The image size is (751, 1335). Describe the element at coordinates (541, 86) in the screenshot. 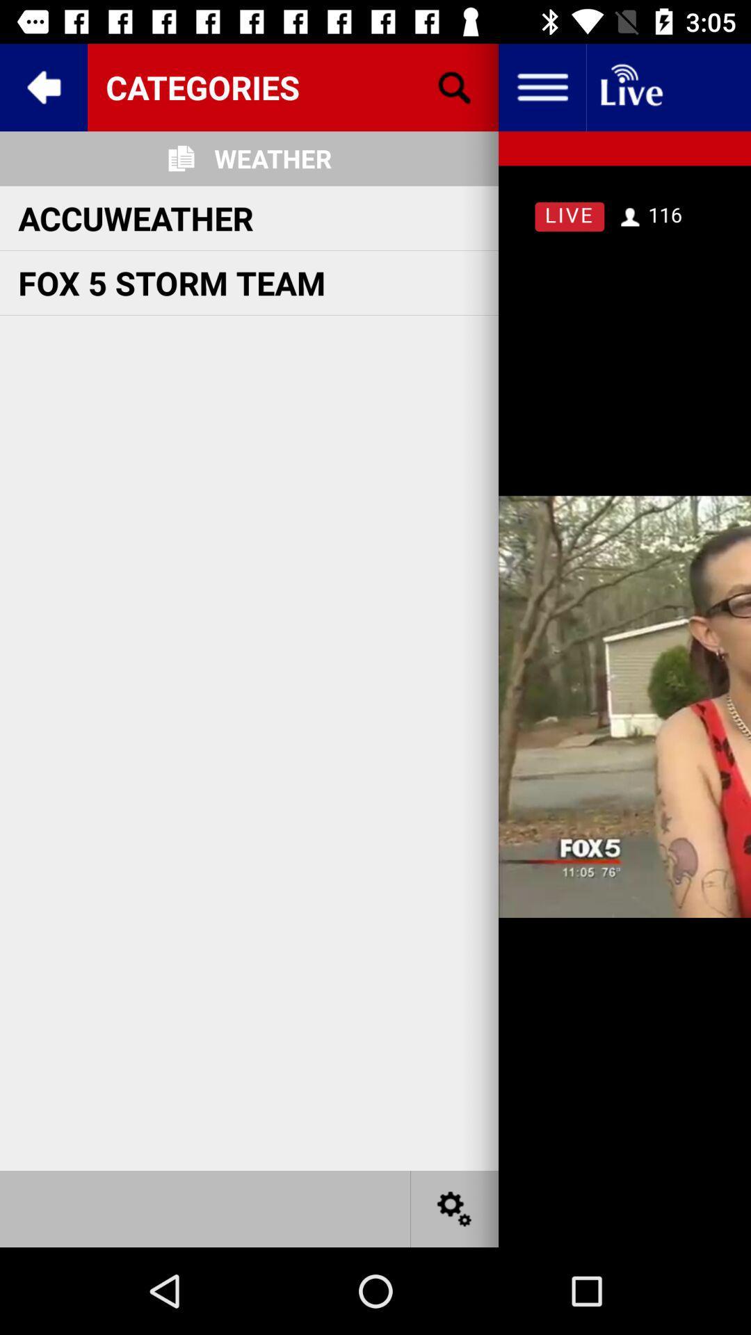

I see `the menu icon` at that location.